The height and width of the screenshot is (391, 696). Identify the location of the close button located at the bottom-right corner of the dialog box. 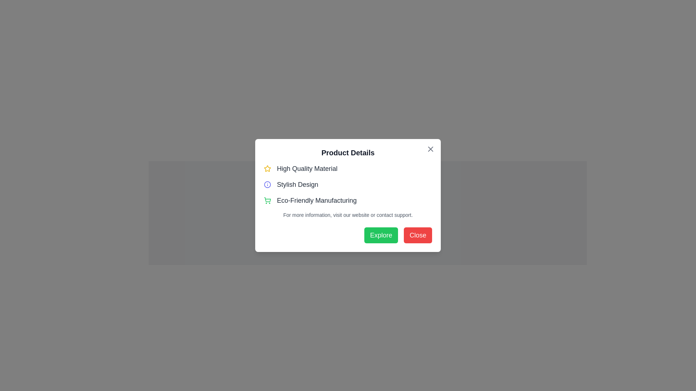
(418, 235).